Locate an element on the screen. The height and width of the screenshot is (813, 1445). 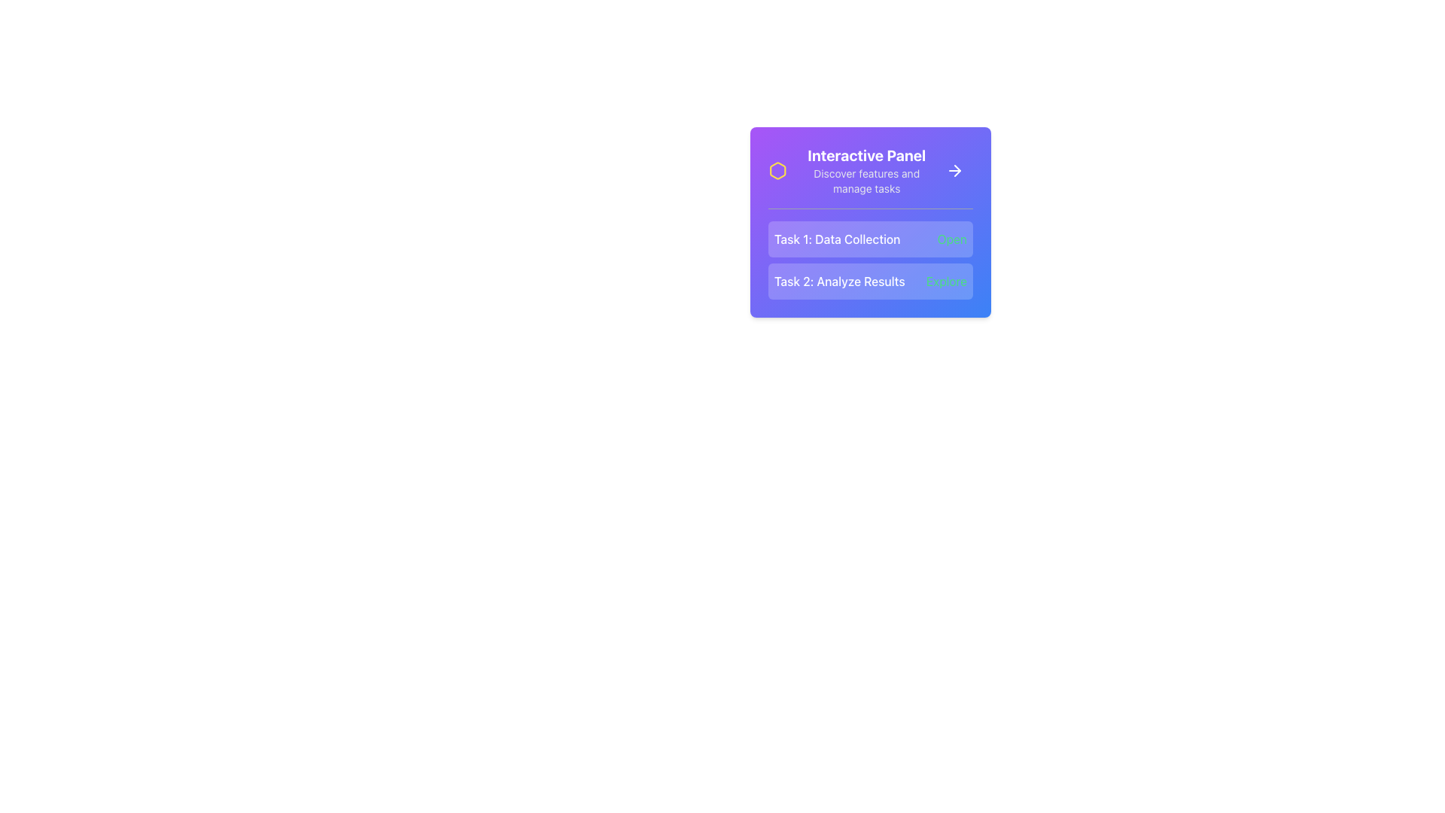
text from the 'Interactive Panel' text label, which is styled in bold and larger font at the top of a card-like interface is located at coordinates (866, 156).